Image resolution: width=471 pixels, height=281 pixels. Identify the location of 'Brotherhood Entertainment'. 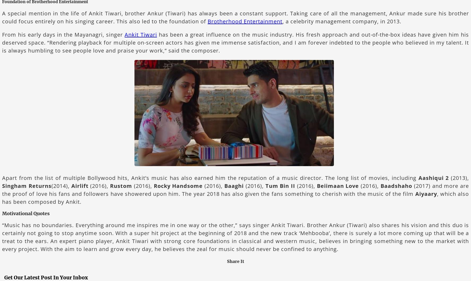
(207, 21).